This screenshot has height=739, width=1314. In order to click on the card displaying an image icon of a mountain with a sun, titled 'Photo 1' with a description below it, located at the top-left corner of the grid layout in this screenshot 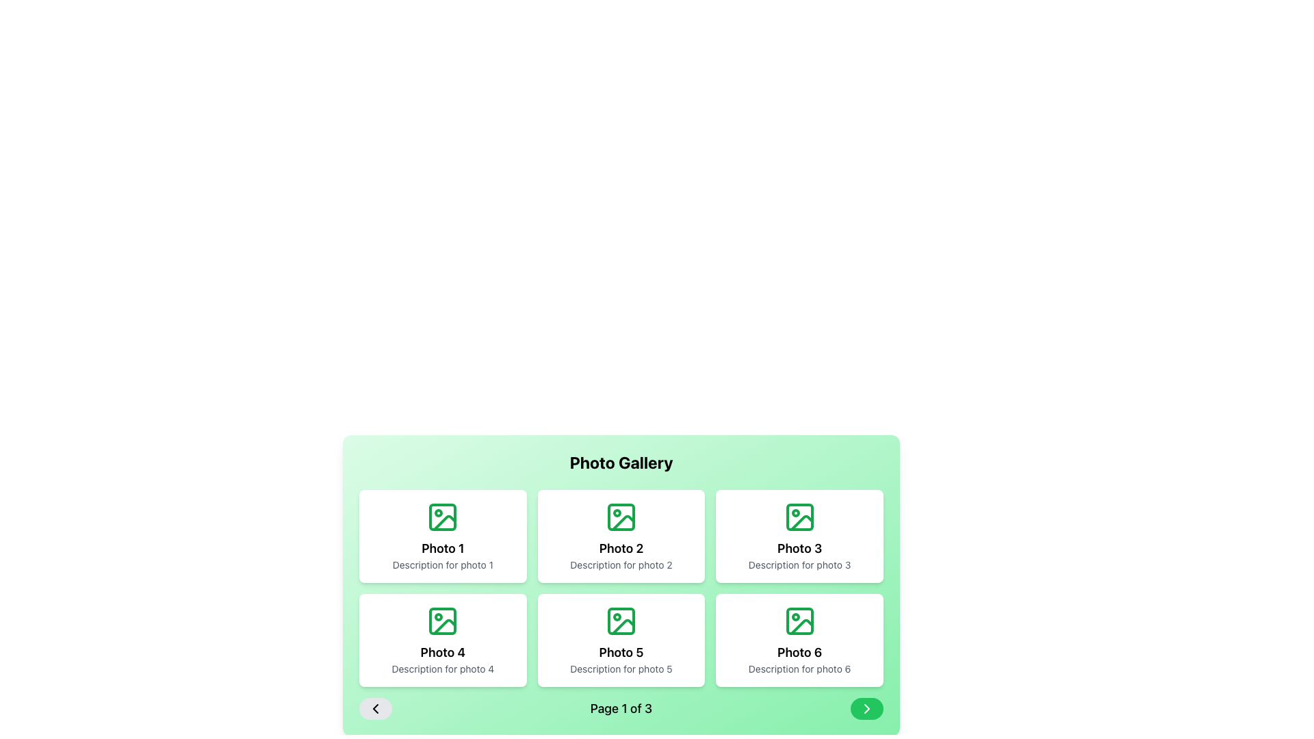, I will do `click(443, 535)`.